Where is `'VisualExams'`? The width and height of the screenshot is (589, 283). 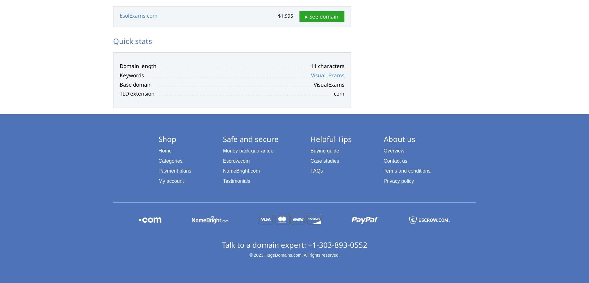 'VisualExams' is located at coordinates (329, 84).